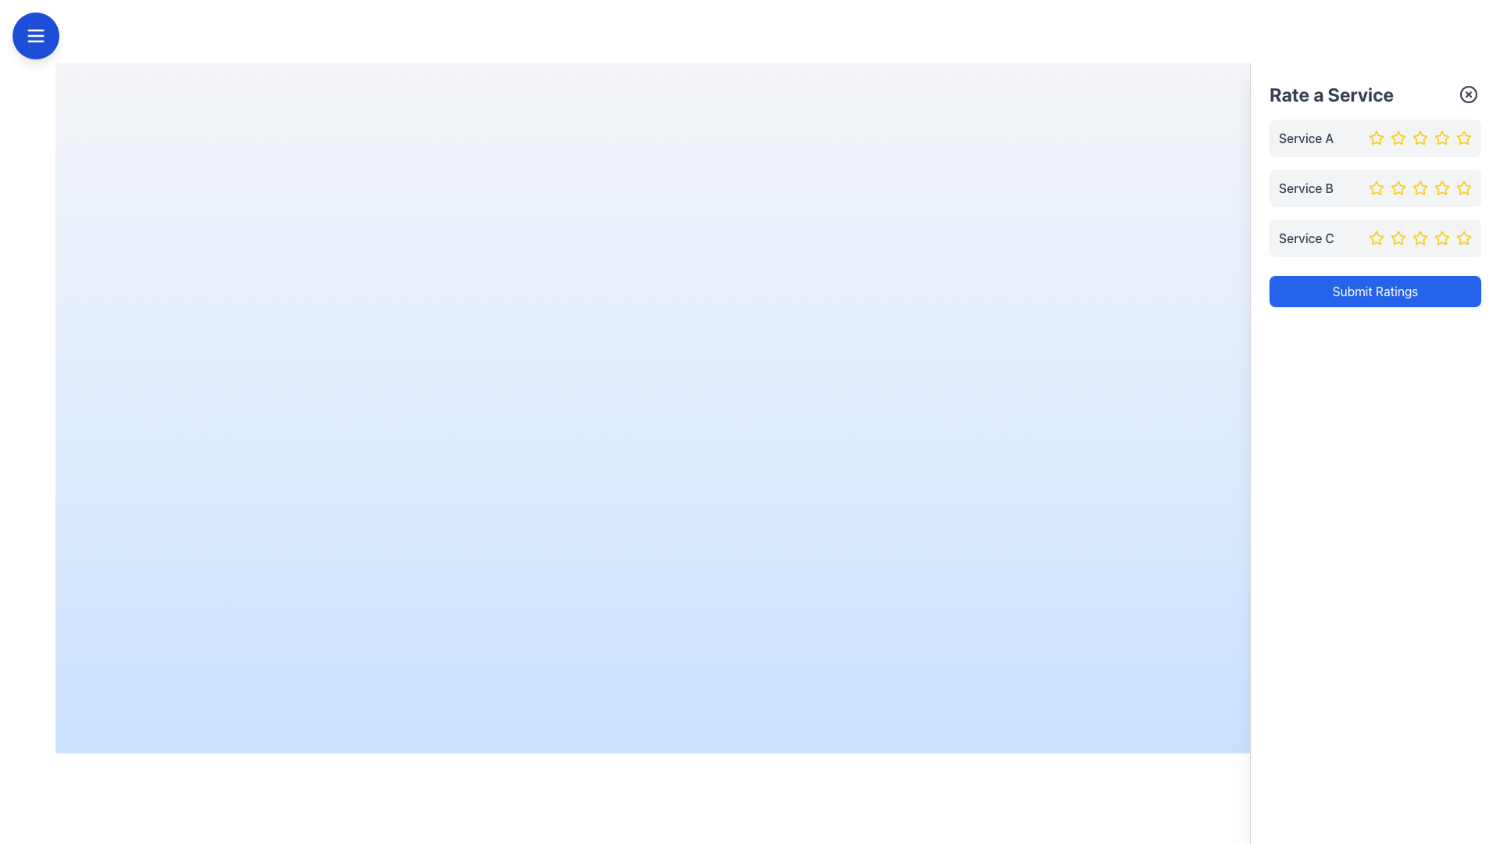  I want to click on the first star icon in the rating system beneath the label 'Service C' to rate, so click(1376, 238).